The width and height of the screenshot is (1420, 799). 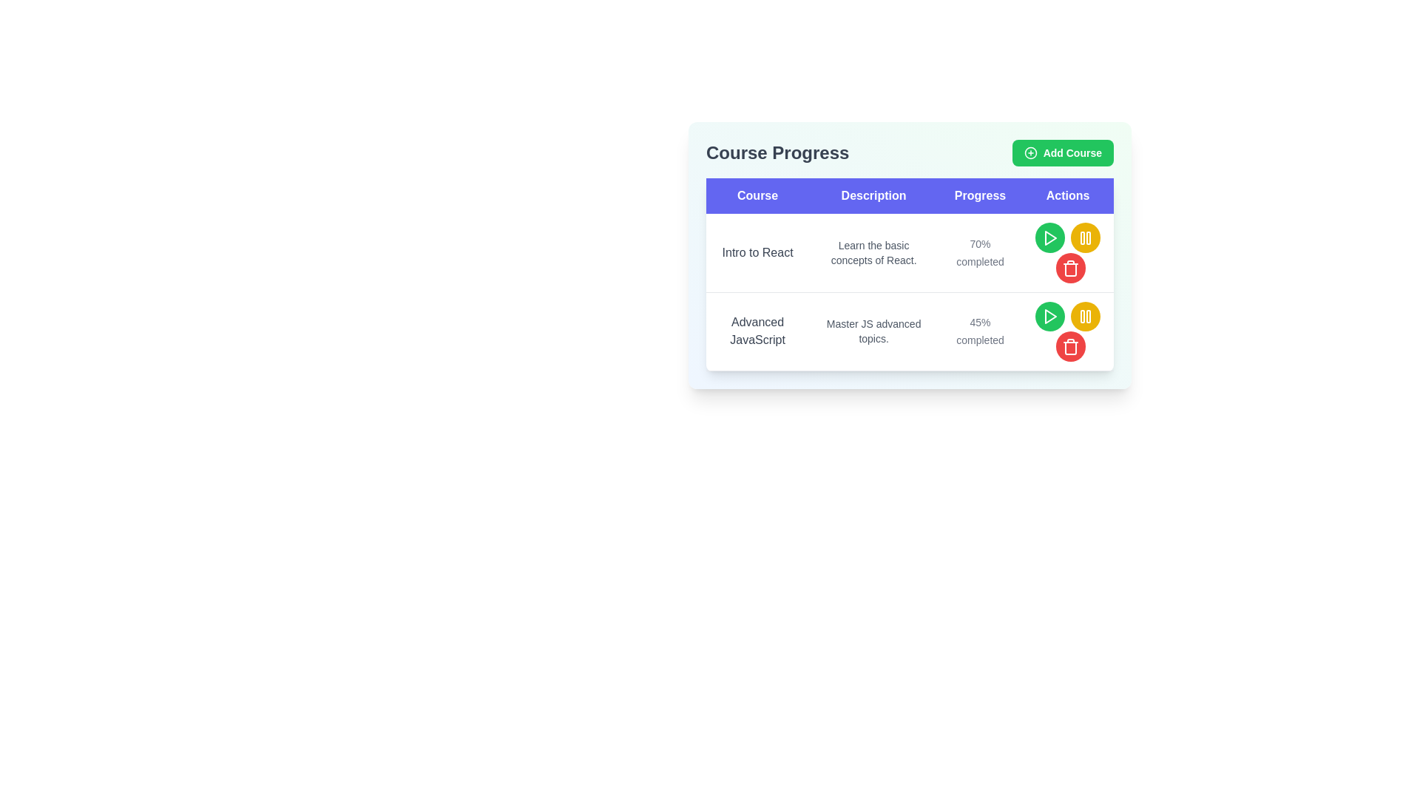 I want to click on the 'Description' column header in the table, which is the second header positioned between 'Course' and 'Progress', so click(x=873, y=195).